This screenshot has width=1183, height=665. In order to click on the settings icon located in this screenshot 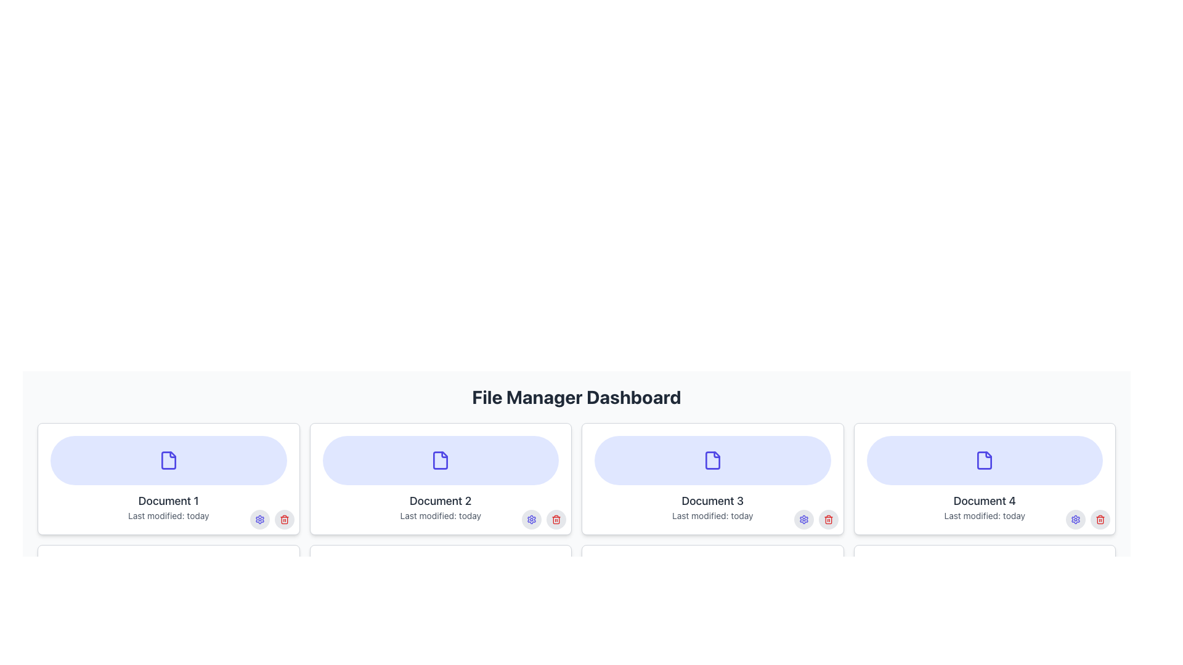, I will do `click(1075, 520)`.